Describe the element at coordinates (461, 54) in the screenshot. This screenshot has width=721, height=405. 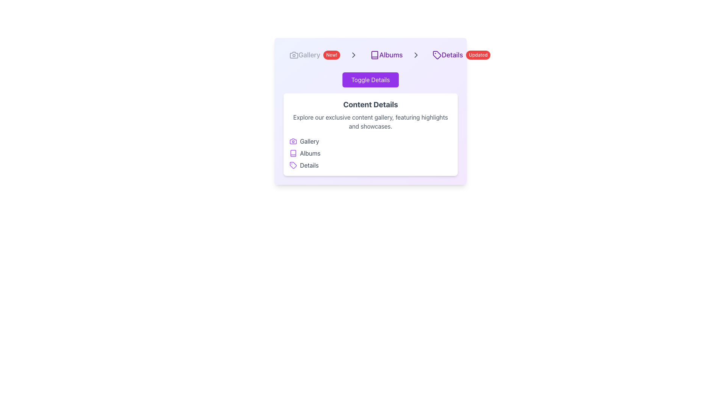
I see `the purple icon in the Composite navigation item labeled 'Details'` at that location.